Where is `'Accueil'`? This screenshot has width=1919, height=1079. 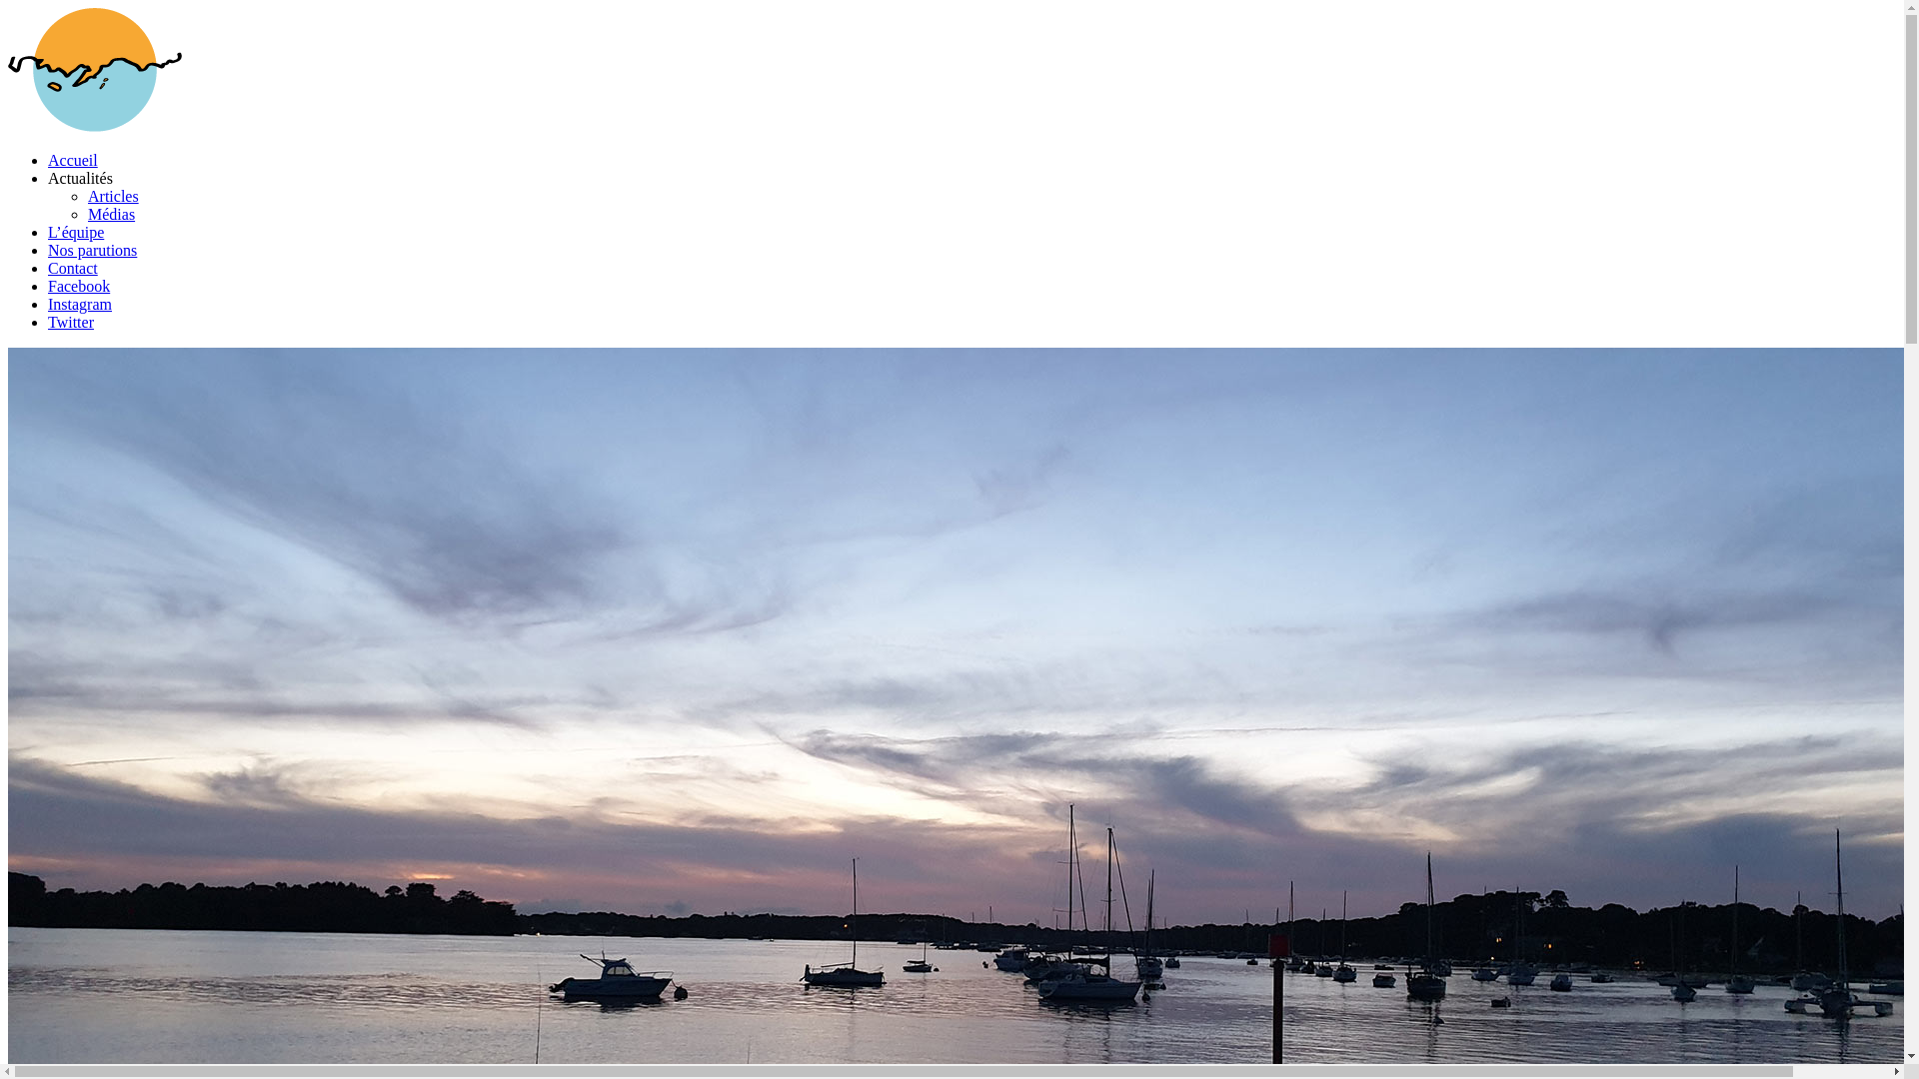
'Accueil' is located at coordinates (72, 159).